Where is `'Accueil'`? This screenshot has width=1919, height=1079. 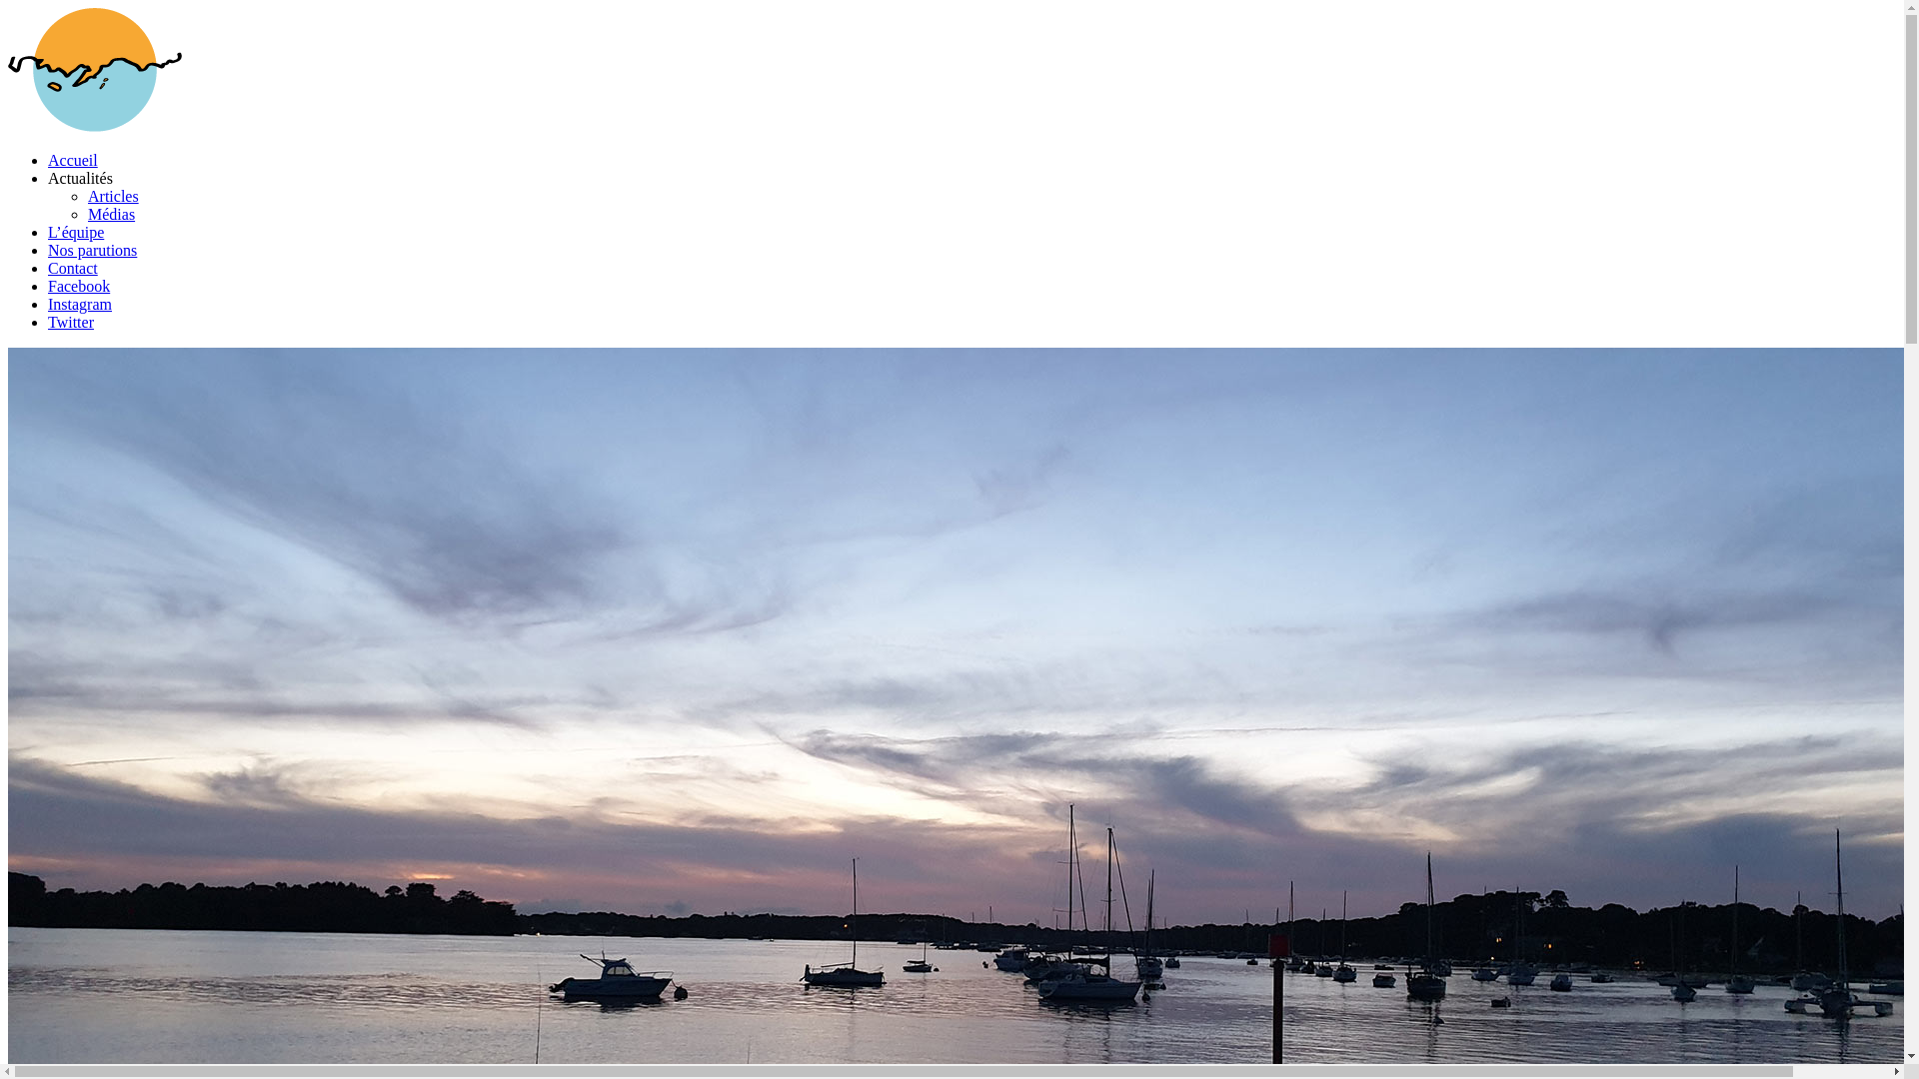
'Accueil' is located at coordinates (72, 159).